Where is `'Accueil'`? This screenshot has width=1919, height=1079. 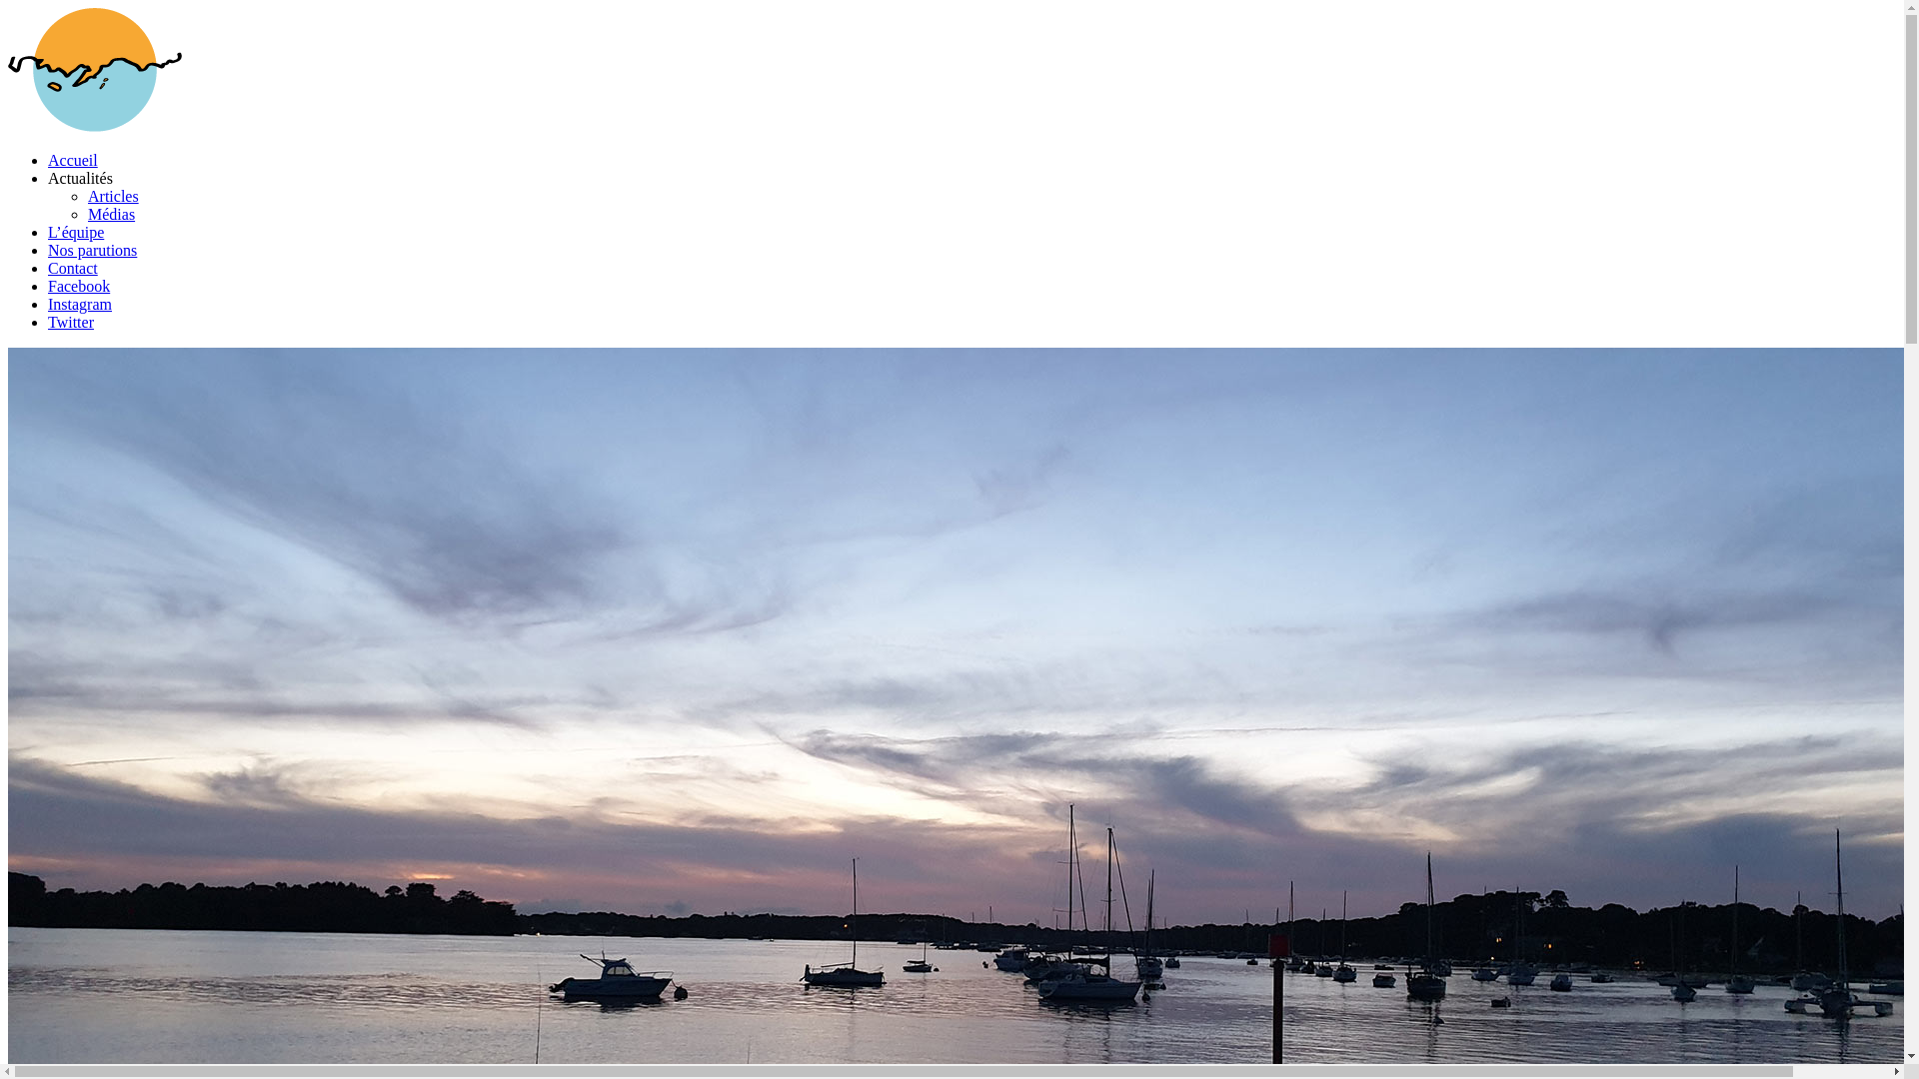
'Accueil' is located at coordinates (72, 159).